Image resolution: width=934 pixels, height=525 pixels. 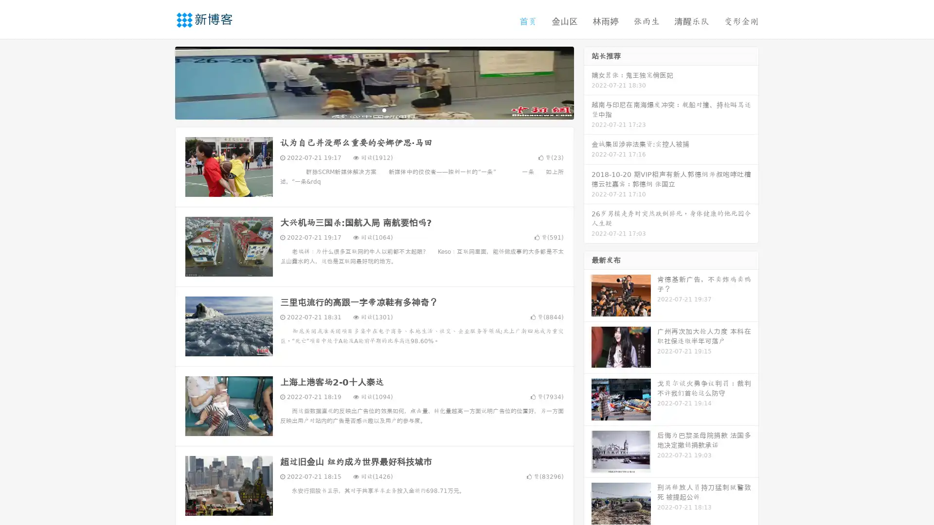 What do you see at coordinates (364, 109) in the screenshot?
I see `Go to slide 1` at bounding box center [364, 109].